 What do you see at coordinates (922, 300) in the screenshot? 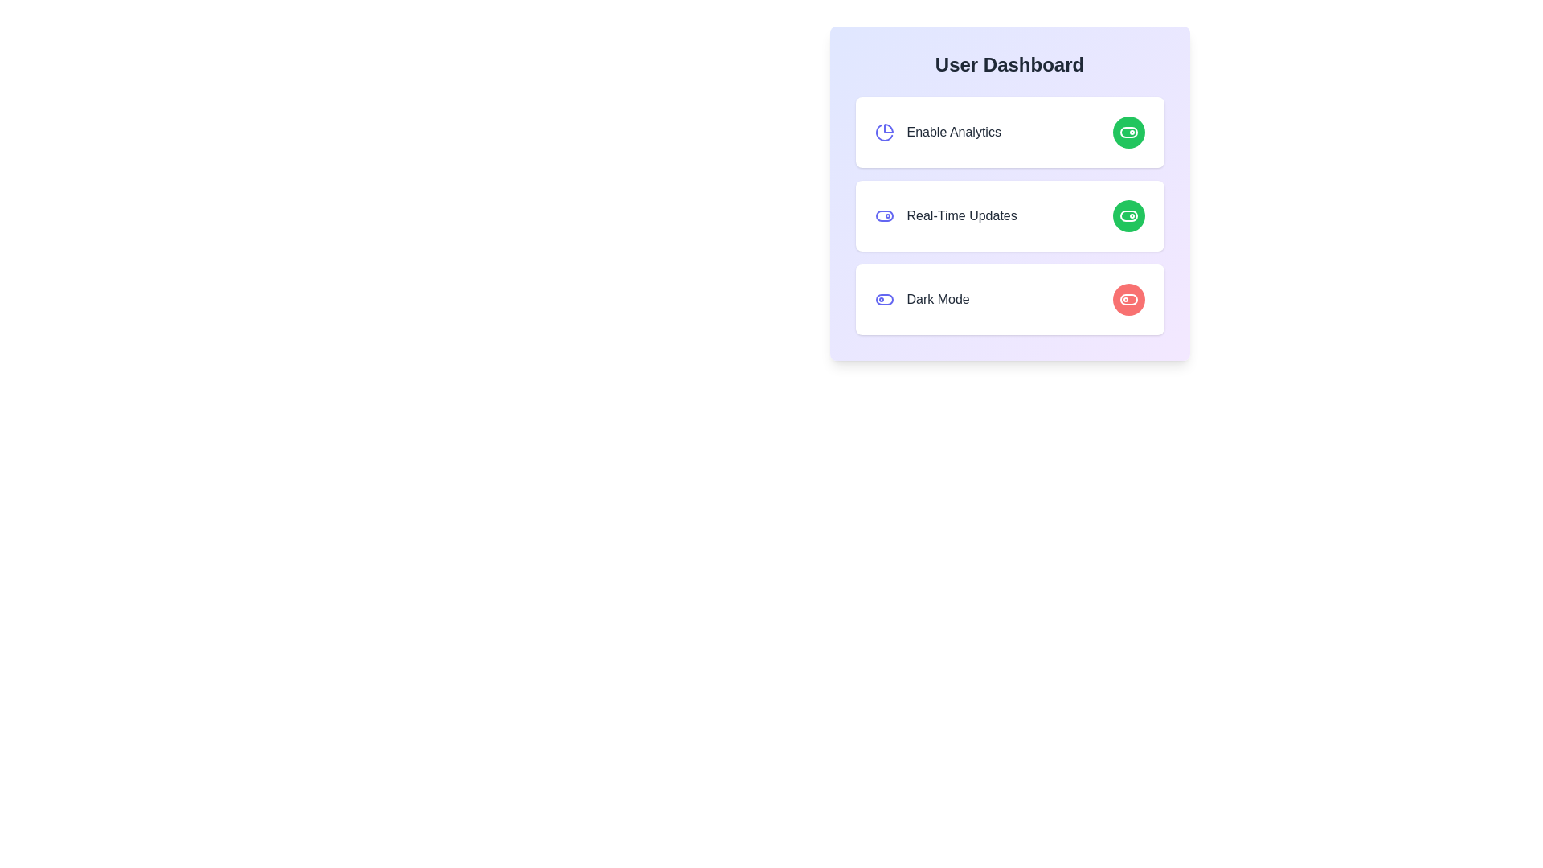
I see `the 'Dark Mode' toggle switch element, which consists of a label with dark gray font and a circular icon with a blue outline and a dot, located in the User Dashboard section` at bounding box center [922, 300].